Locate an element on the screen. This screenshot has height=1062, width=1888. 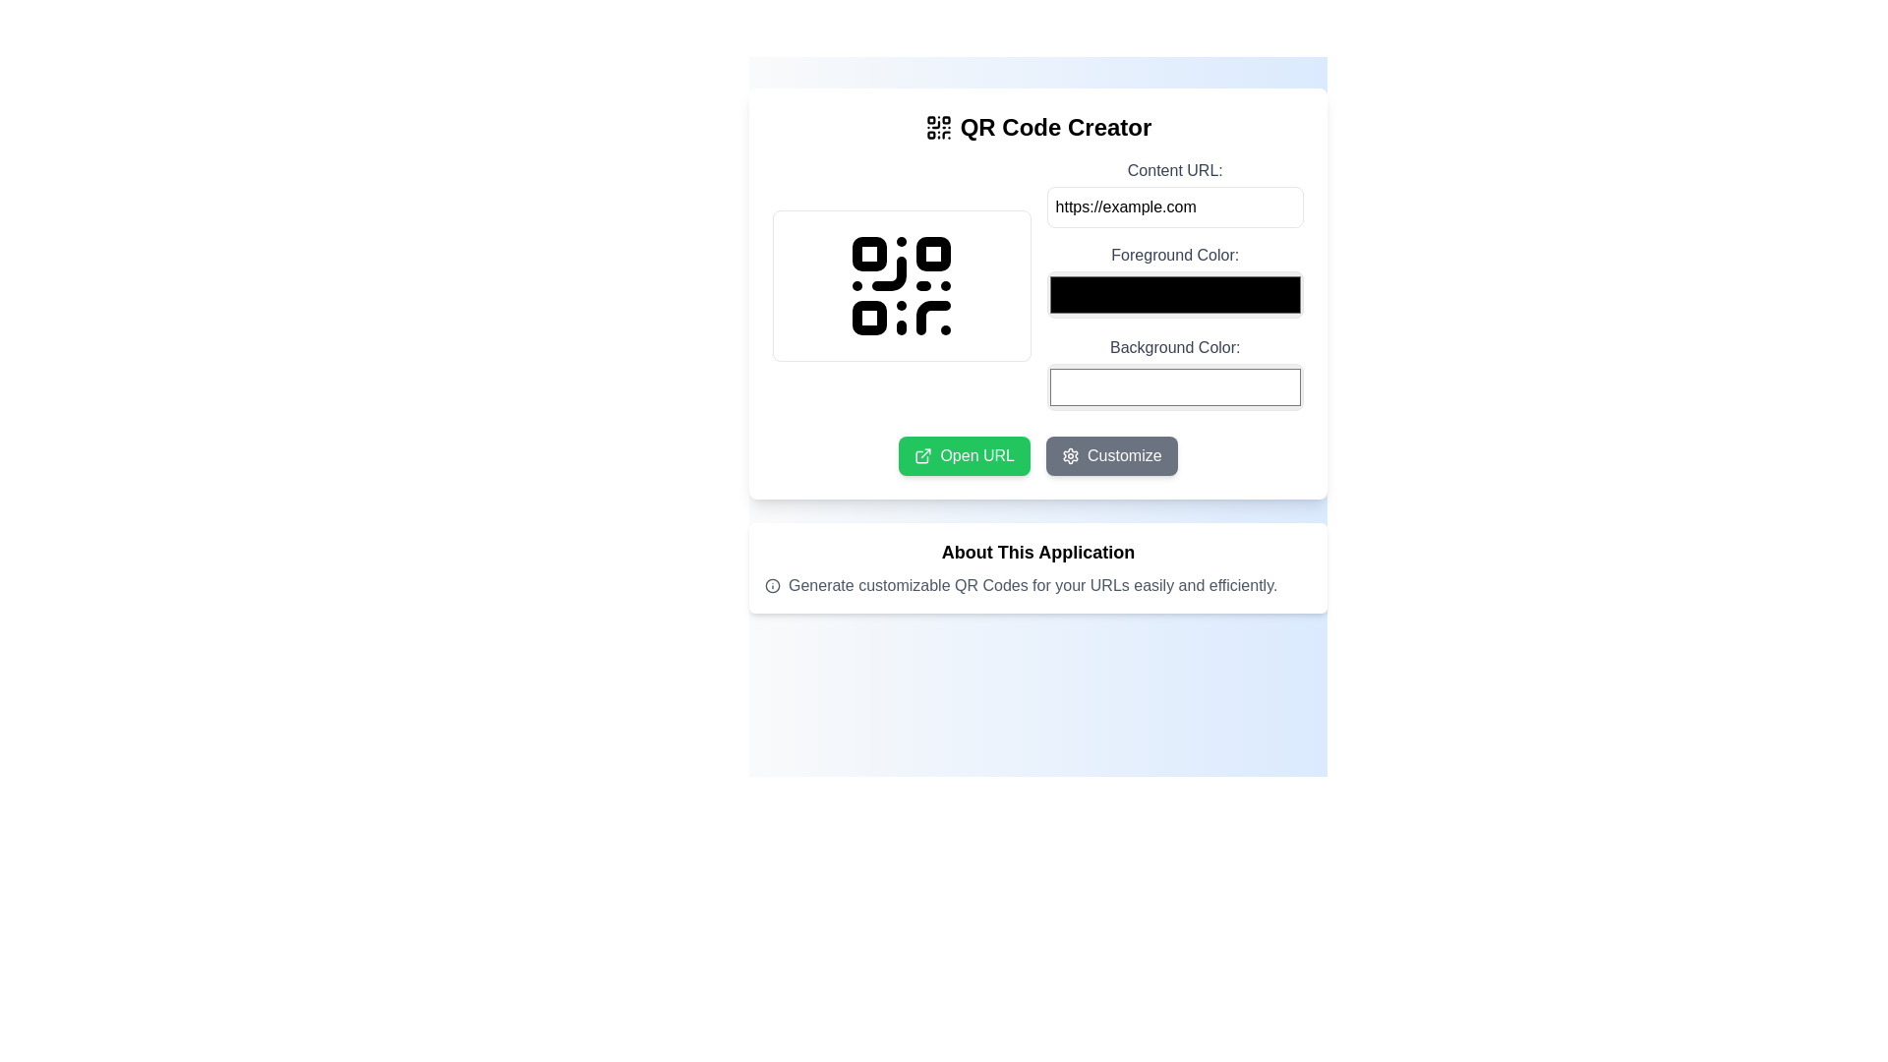
the text label displaying 'Foreground Color:' which is styled in gray and serves as a label for the color picker is located at coordinates (1175, 254).